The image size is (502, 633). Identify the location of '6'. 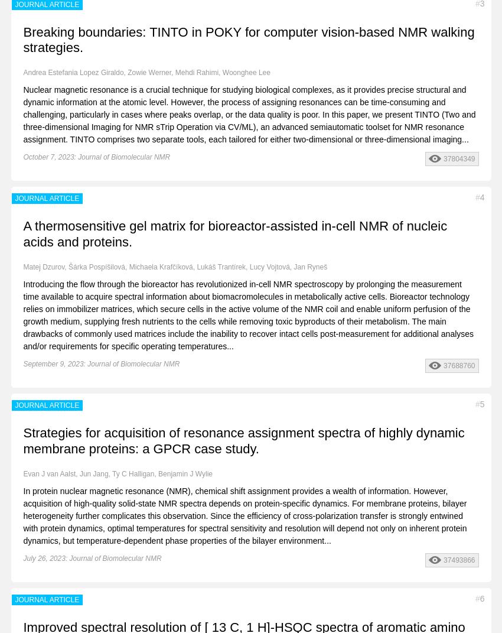
(482, 598).